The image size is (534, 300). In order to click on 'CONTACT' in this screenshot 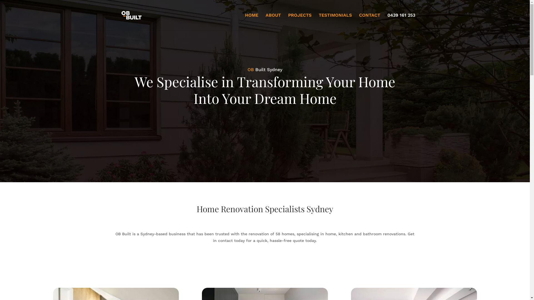, I will do `click(369, 21)`.